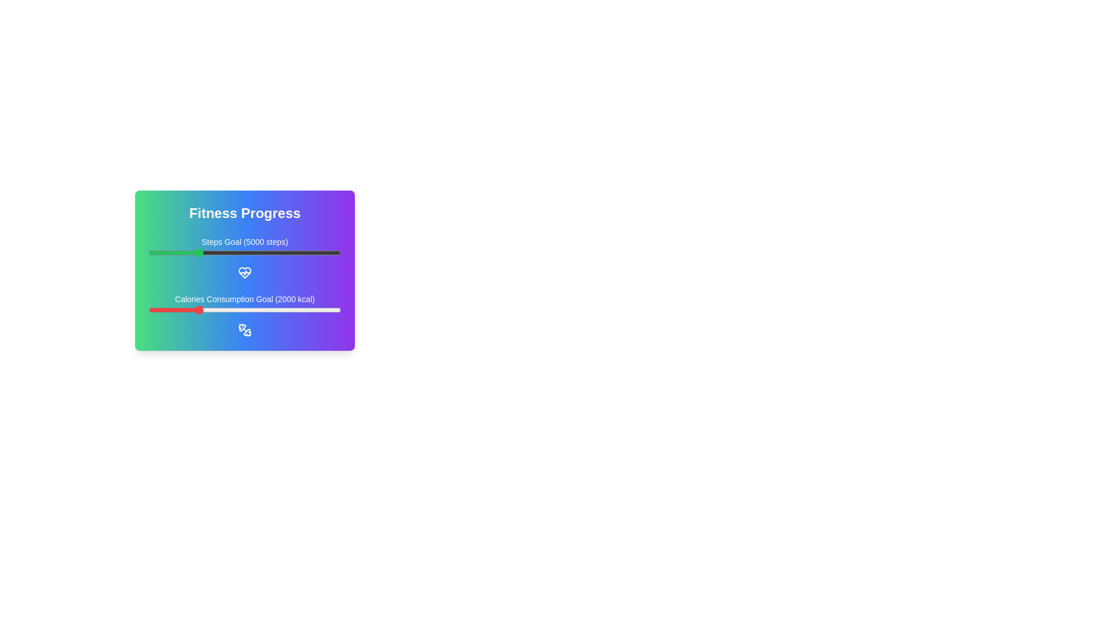  What do you see at coordinates (244, 252) in the screenshot?
I see `the range slider component below the label 'Steps Goal (5000 steps)' to set a value` at bounding box center [244, 252].